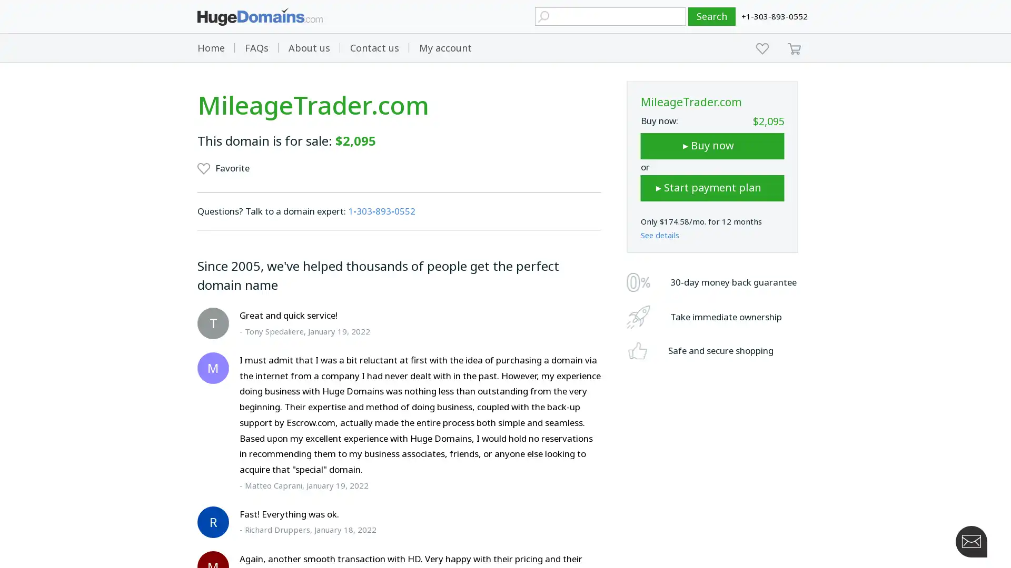  What do you see at coordinates (712, 16) in the screenshot?
I see `Search` at bounding box center [712, 16].